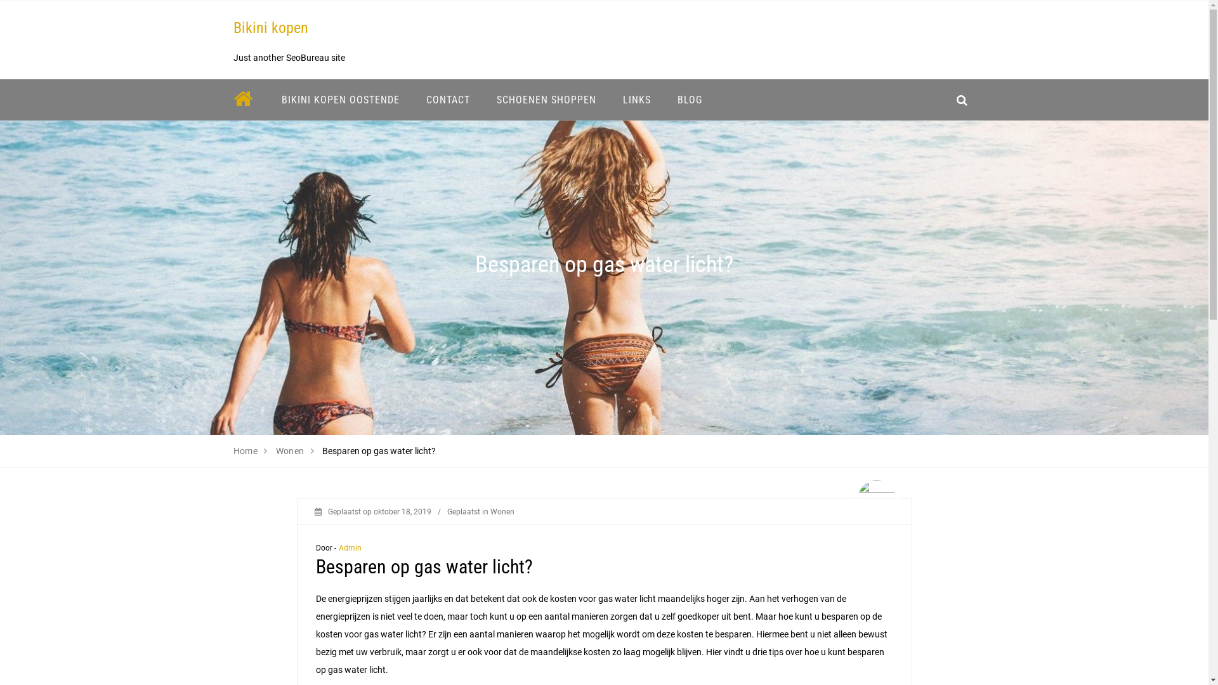  Describe the element at coordinates (246, 450) in the screenshot. I see `'Home'` at that location.